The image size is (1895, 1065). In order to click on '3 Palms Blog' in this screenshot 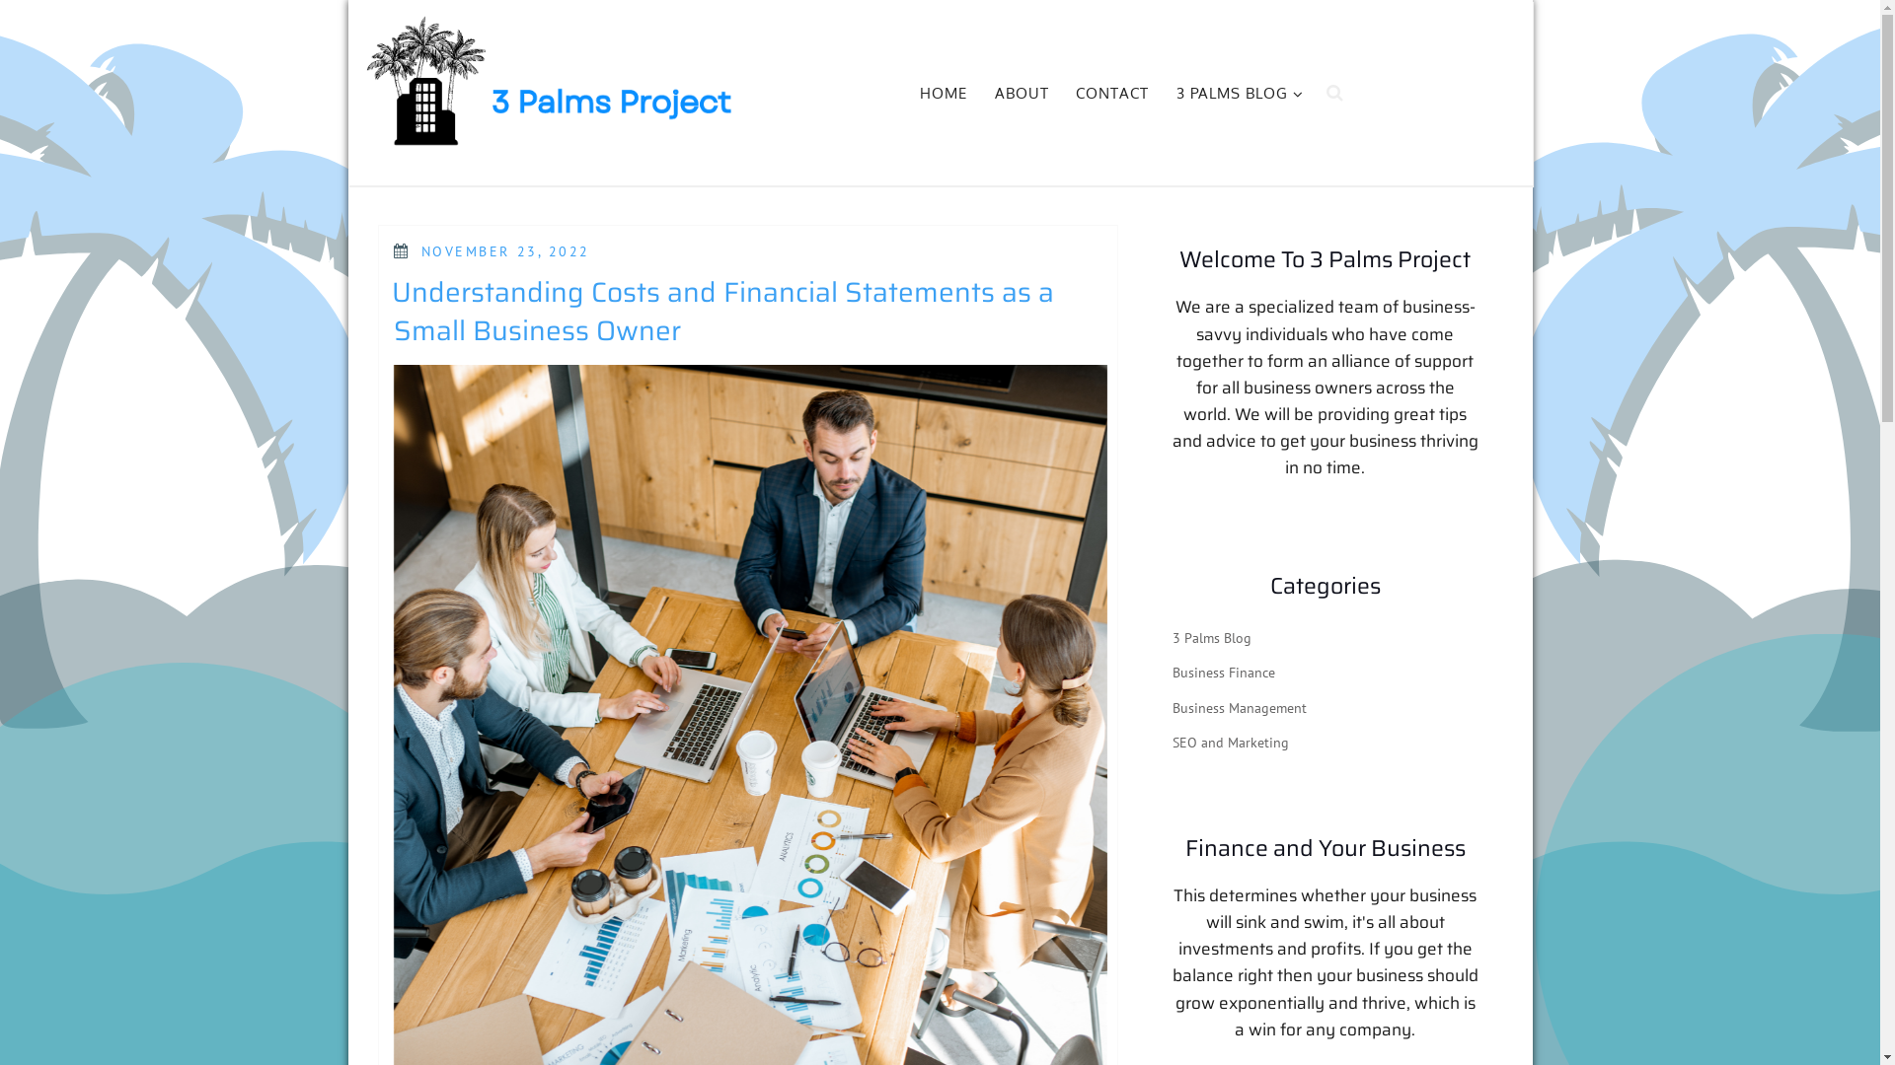, I will do `click(1211, 638)`.